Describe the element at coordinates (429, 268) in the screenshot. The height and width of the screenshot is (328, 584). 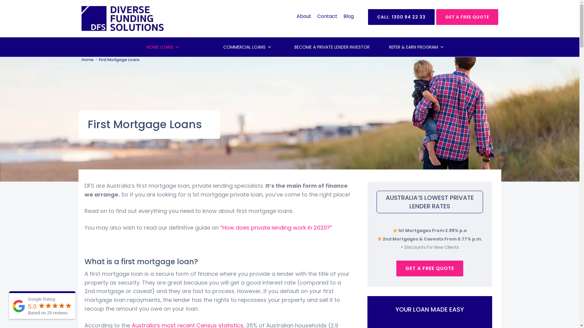
I see `'GET A FREE QUOTE'` at that location.